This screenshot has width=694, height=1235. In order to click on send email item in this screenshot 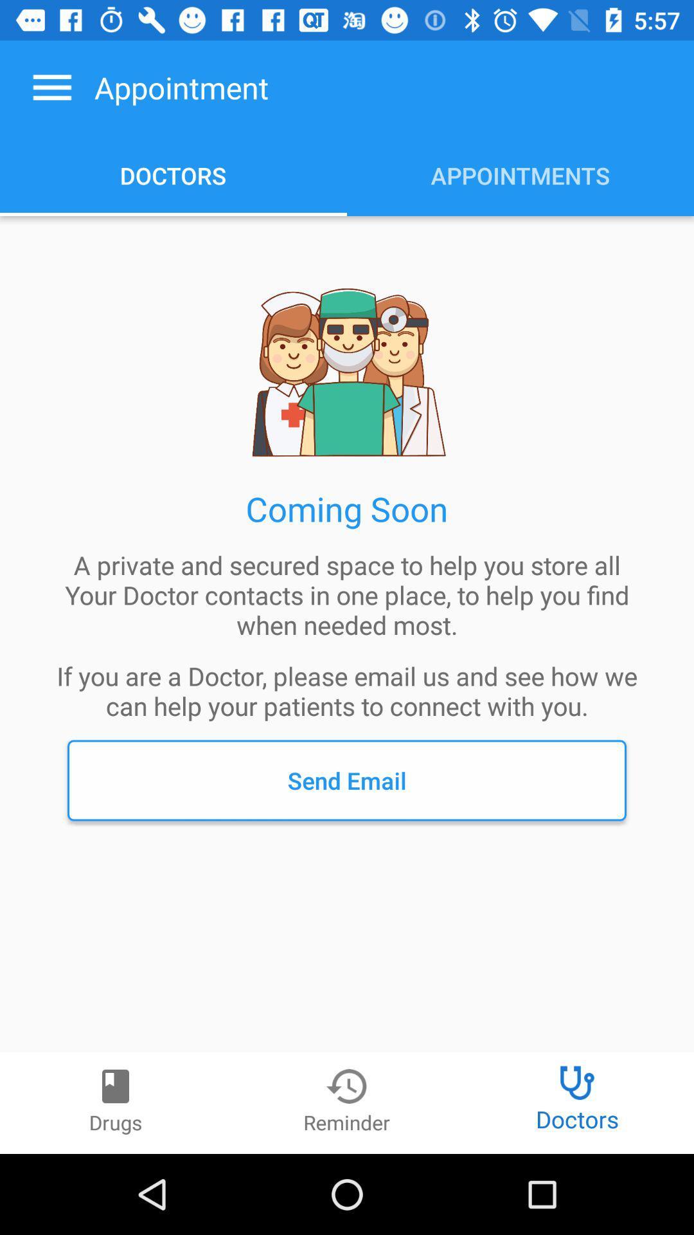, I will do `click(347, 780)`.